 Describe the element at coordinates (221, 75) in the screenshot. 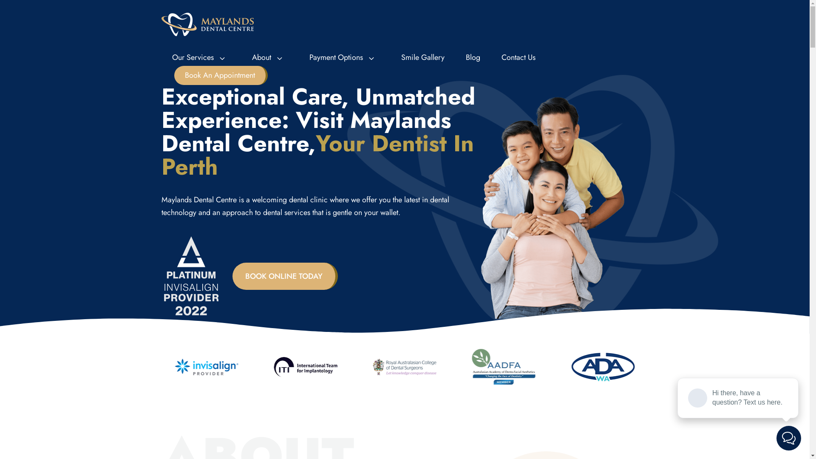

I see `'Book An Appointment'` at that location.